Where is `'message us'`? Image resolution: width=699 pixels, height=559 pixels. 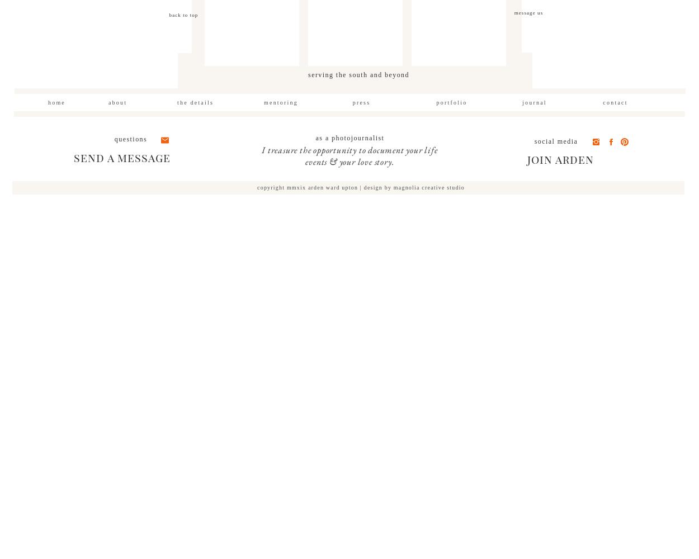 'message us' is located at coordinates (528, 13).